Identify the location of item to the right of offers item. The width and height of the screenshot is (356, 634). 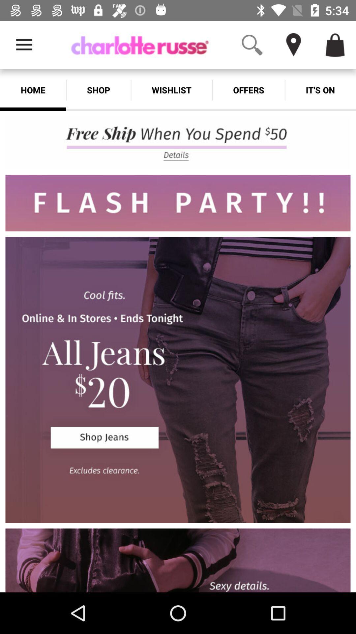
(320, 90).